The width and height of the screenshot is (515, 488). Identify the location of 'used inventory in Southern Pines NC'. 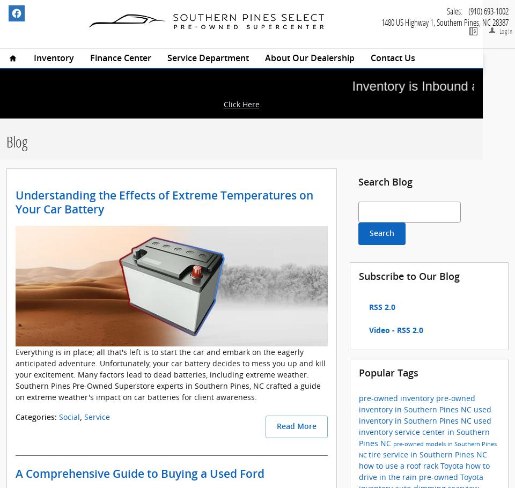
(359, 415).